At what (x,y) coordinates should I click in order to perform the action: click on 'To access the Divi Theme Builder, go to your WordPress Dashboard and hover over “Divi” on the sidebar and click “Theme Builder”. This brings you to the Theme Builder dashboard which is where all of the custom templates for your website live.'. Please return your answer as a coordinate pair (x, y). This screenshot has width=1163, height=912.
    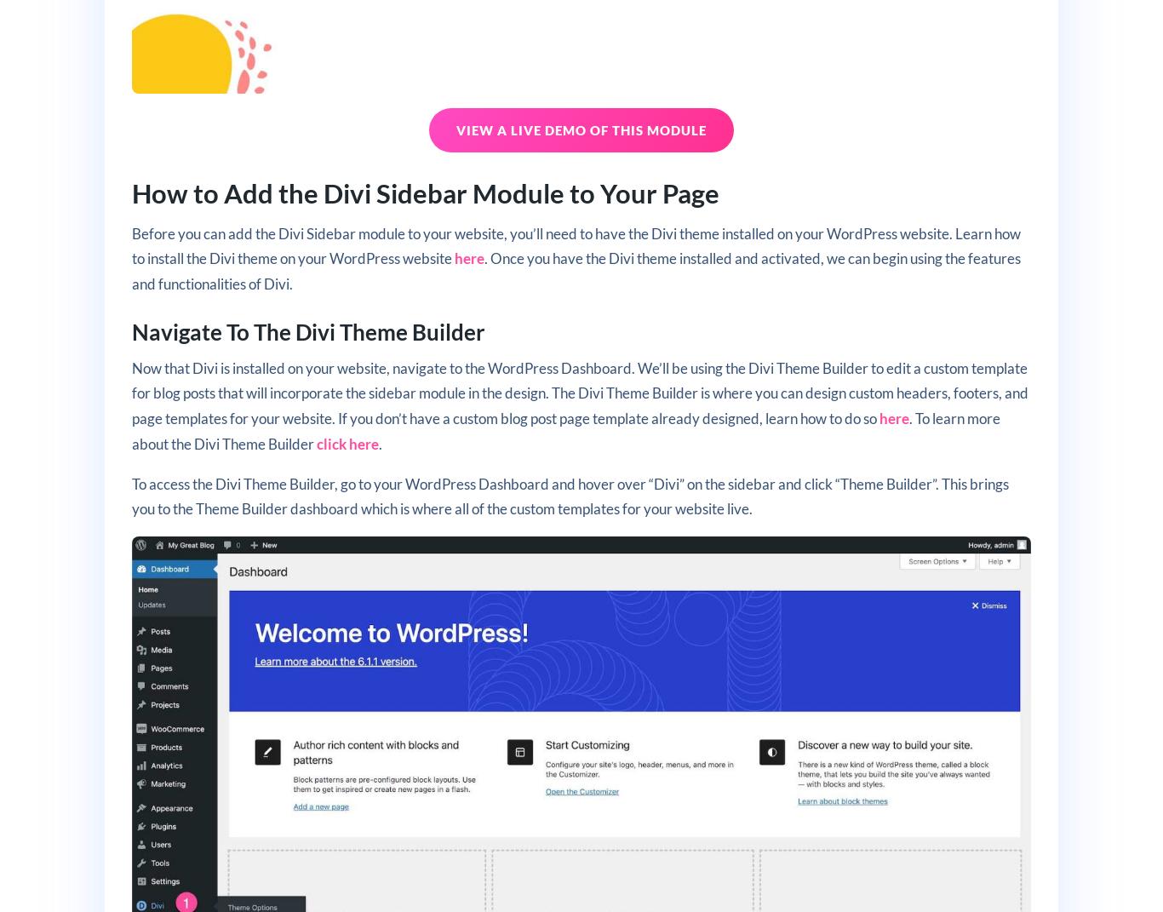
    Looking at the image, I should click on (569, 496).